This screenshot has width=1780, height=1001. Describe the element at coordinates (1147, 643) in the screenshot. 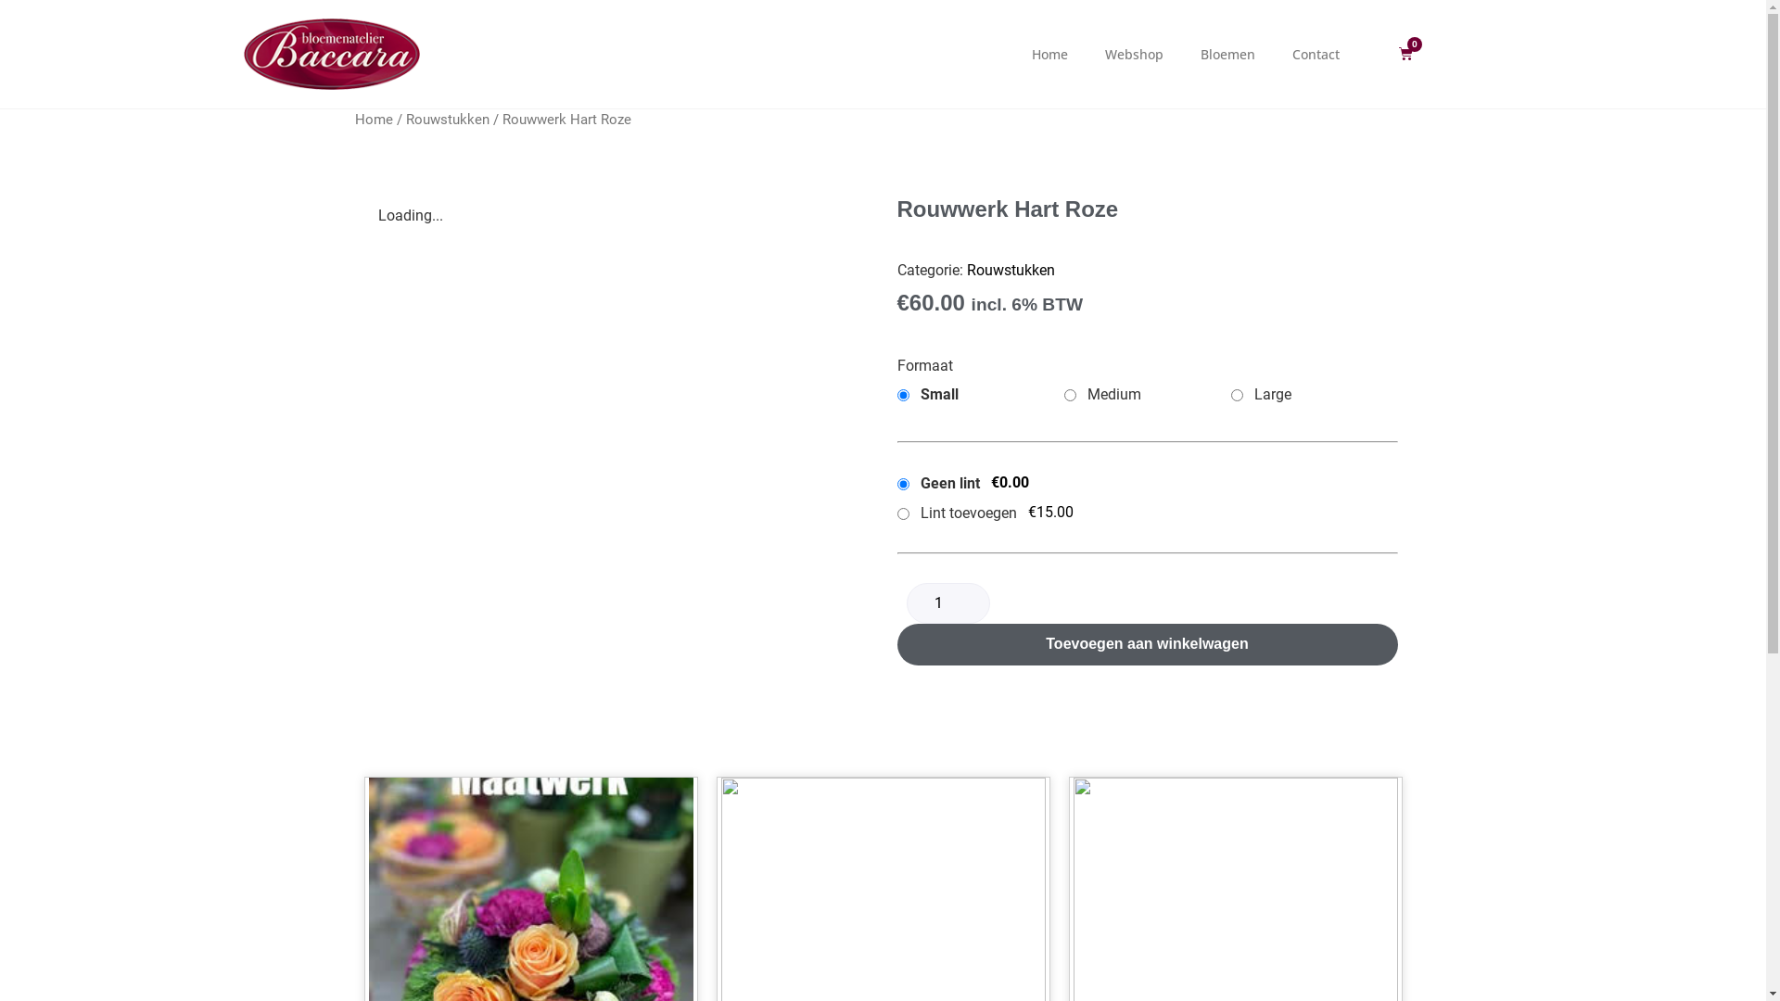

I see `'Toevoegen aan winkelwagen'` at that location.